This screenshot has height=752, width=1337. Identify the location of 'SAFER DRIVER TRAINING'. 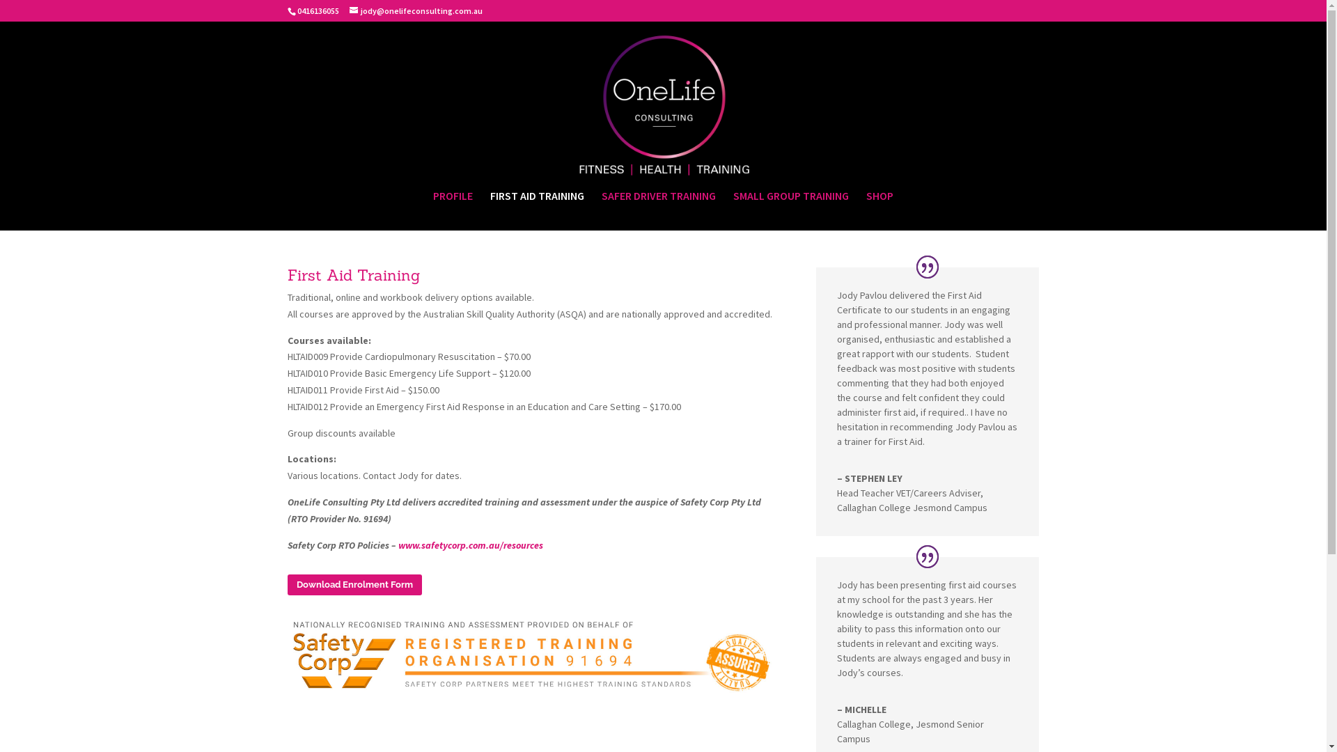
(602, 210).